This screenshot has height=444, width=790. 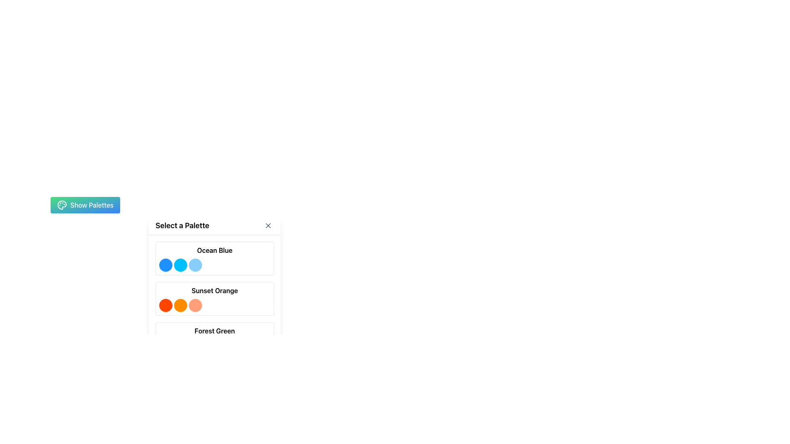 What do you see at coordinates (215, 298) in the screenshot?
I see `the 'Sunset Orange' Palette display block` at bounding box center [215, 298].